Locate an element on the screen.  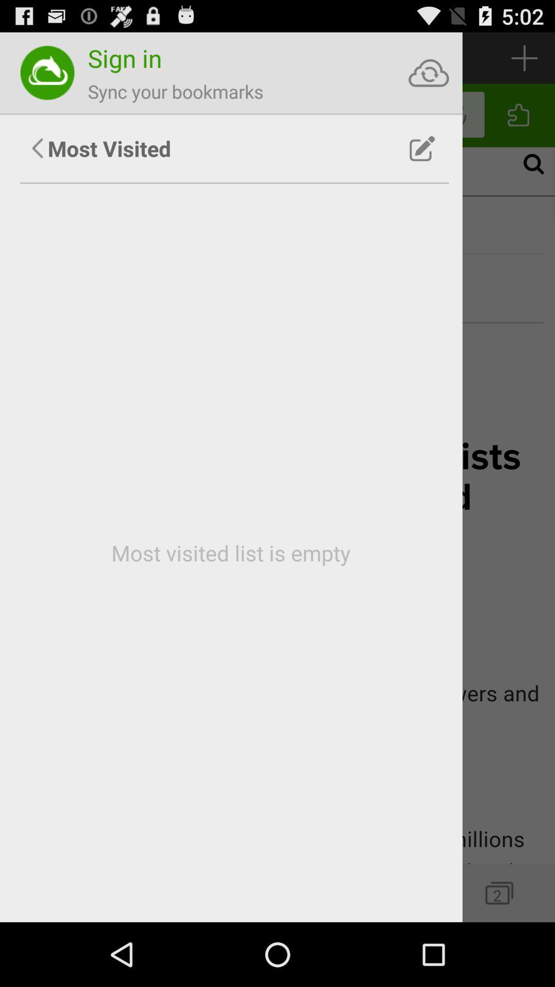
the icon which is in the bottom right of the page is located at coordinates (498, 892).